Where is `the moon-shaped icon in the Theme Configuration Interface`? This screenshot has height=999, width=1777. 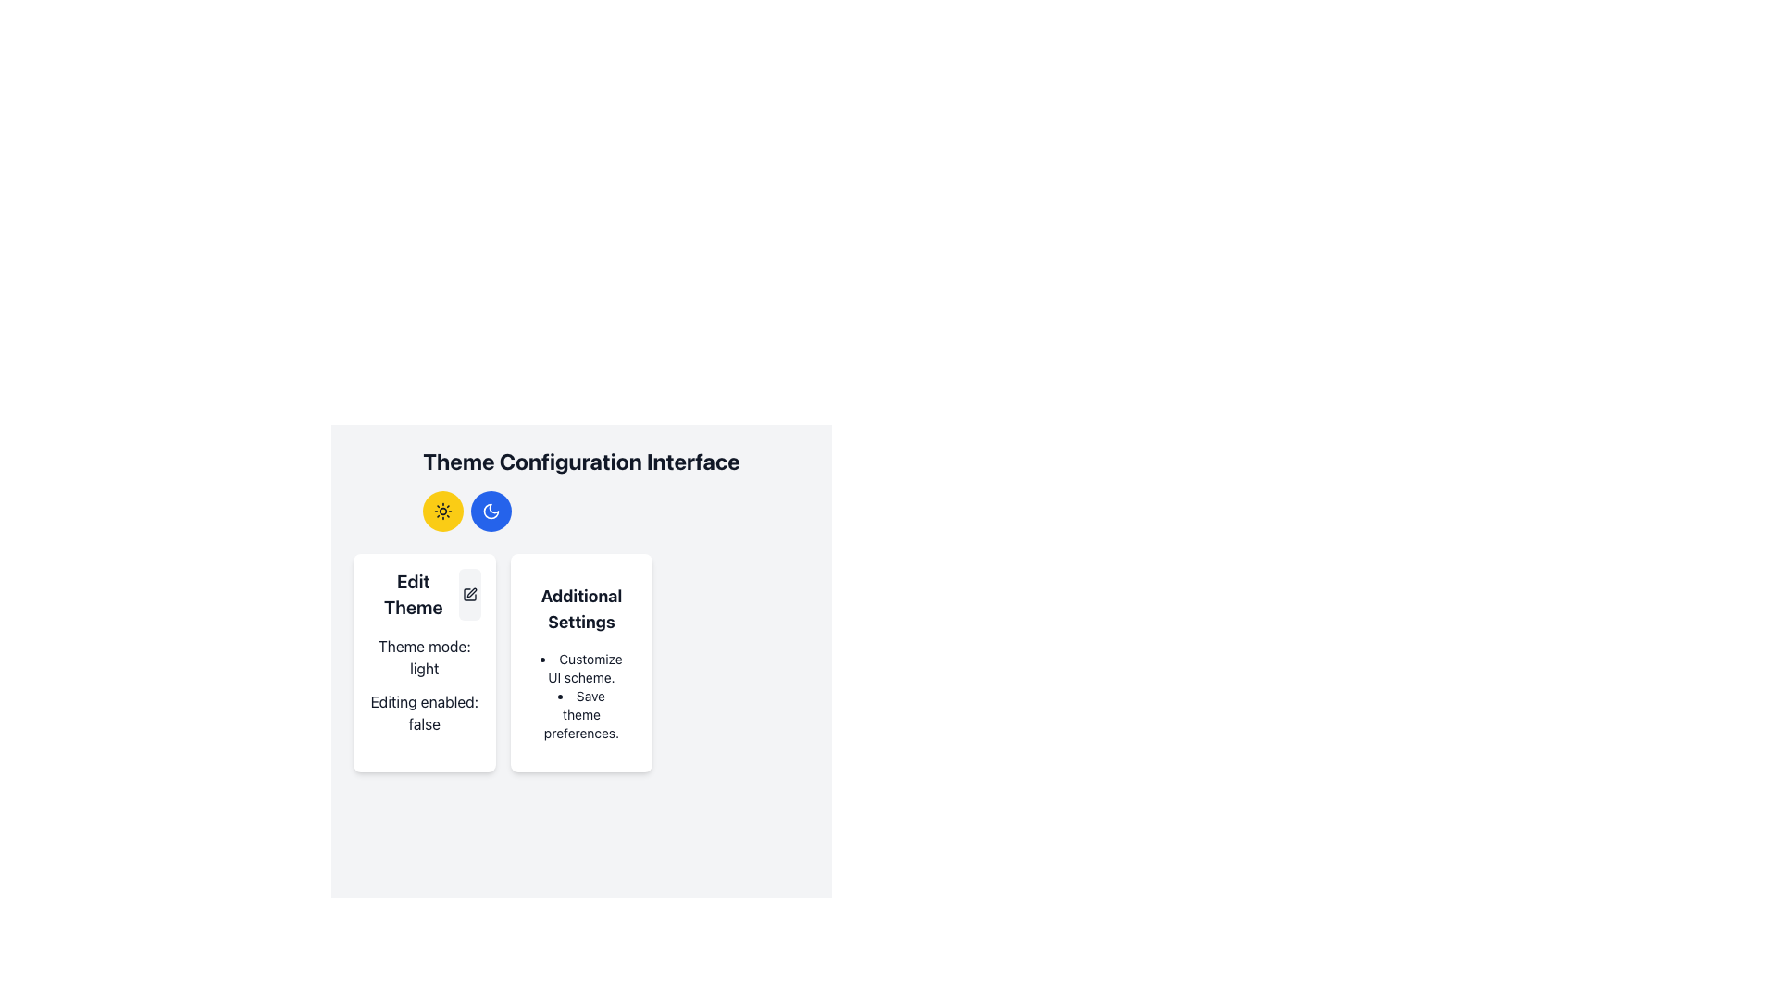
the moon-shaped icon in the Theme Configuration Interface is located at coordinates (491, 511).